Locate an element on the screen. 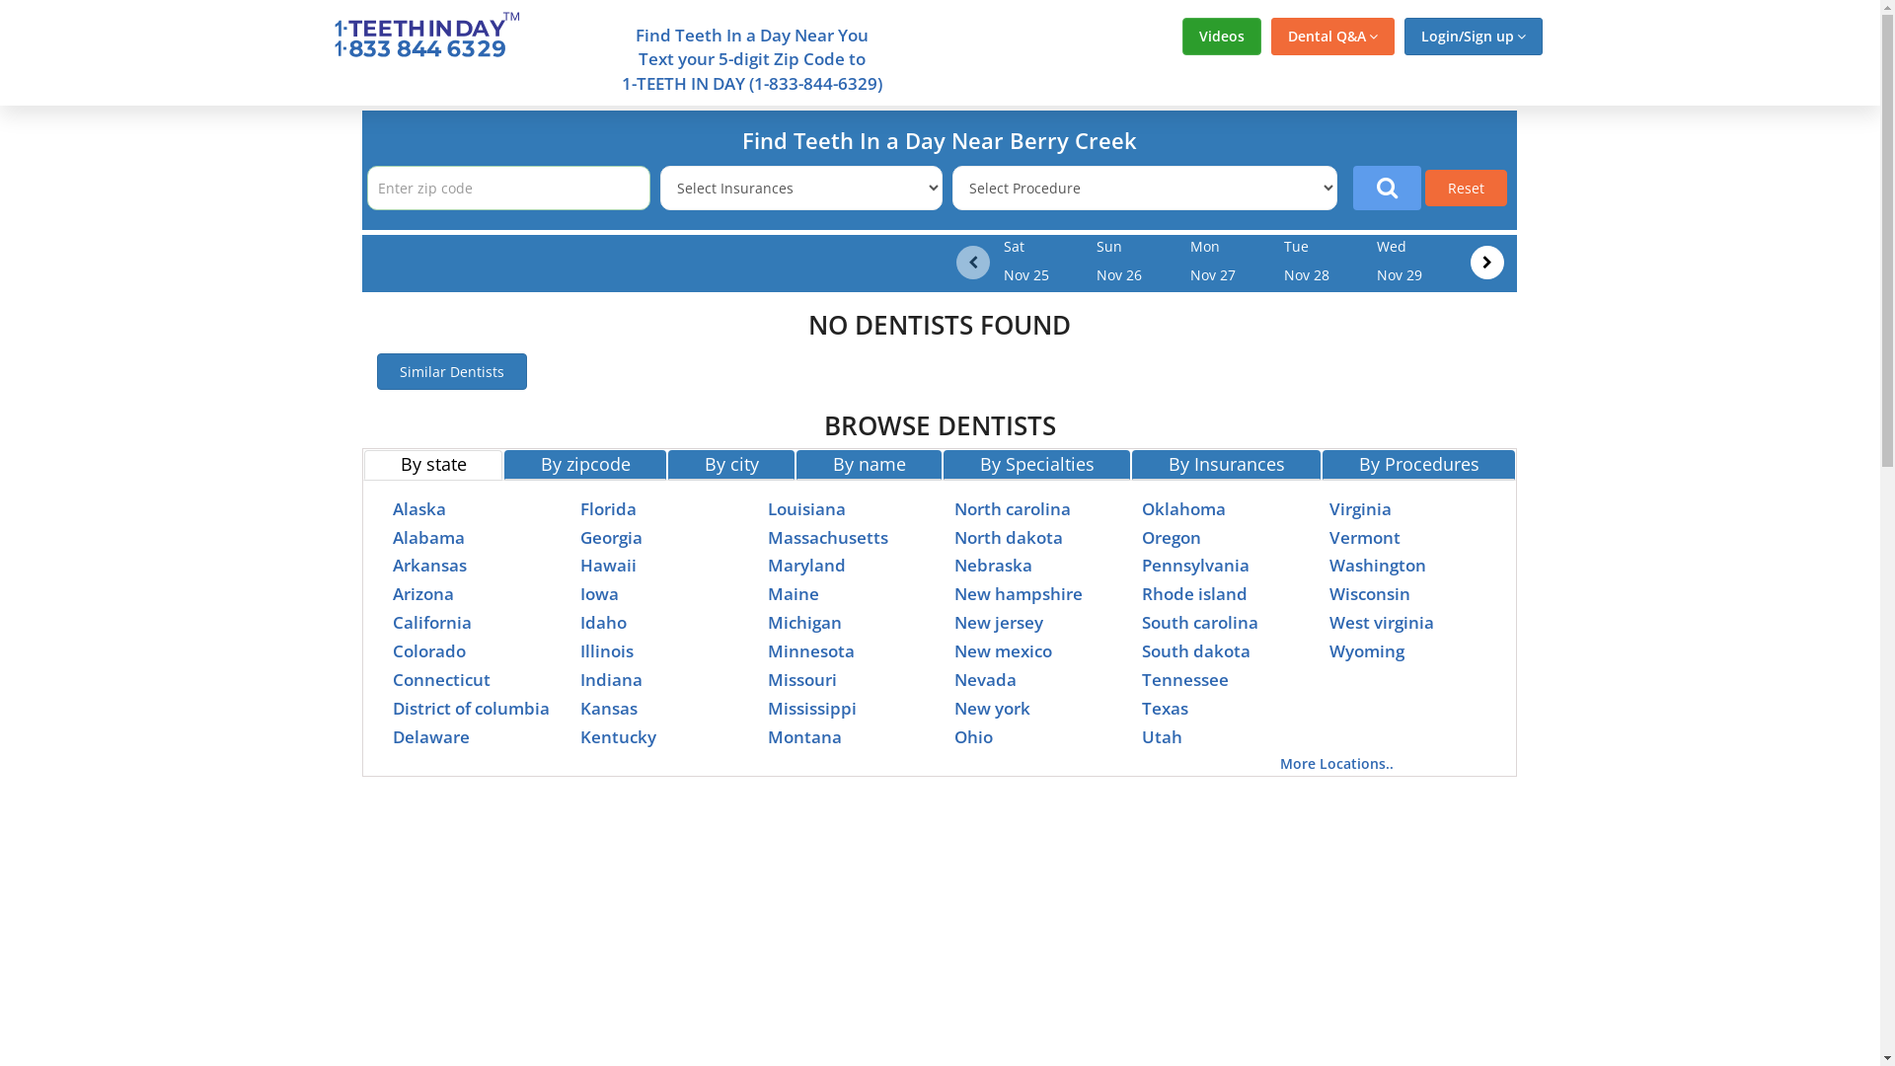 The image size is (1895, 1066). 'New york' is located at coordinates (992, 707).